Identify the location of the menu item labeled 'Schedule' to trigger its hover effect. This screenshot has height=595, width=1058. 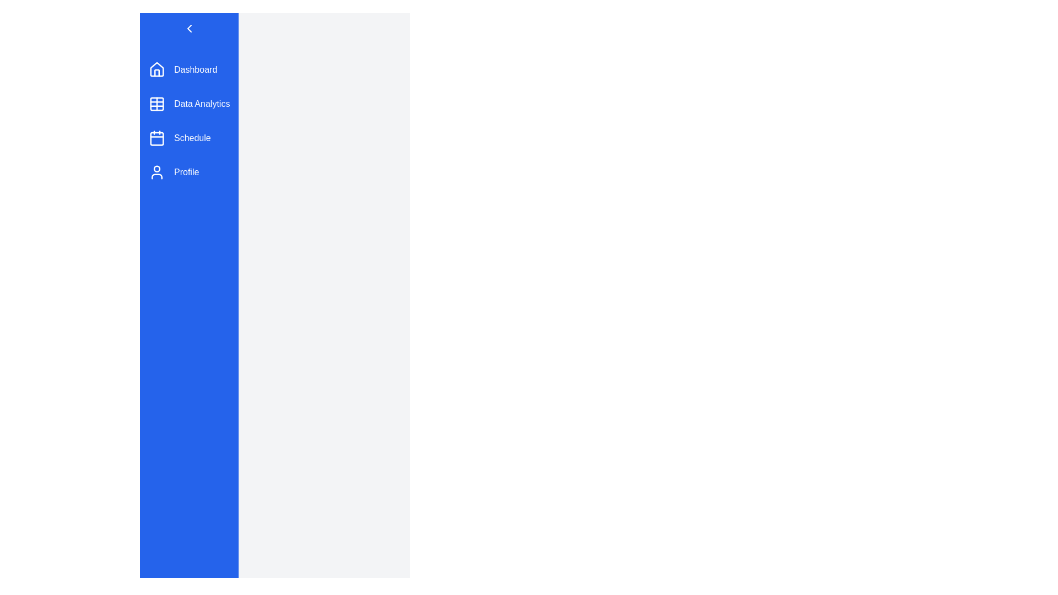
(189, 137).